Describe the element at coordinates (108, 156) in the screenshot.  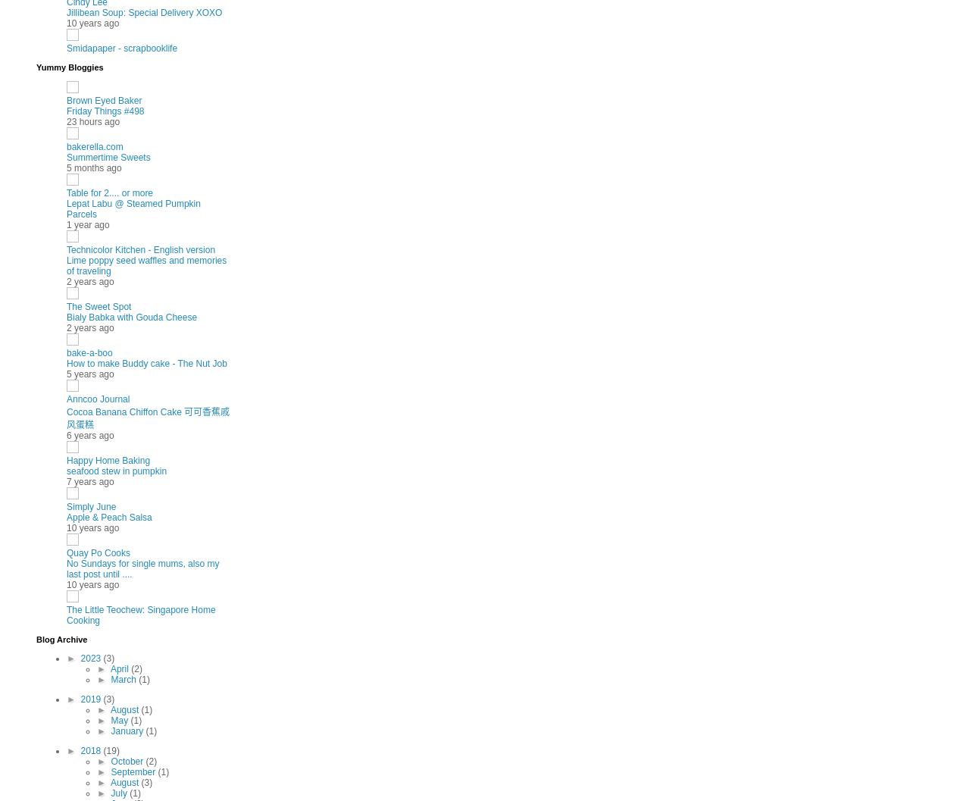
I see `'Summertime Sweets'` at that location.